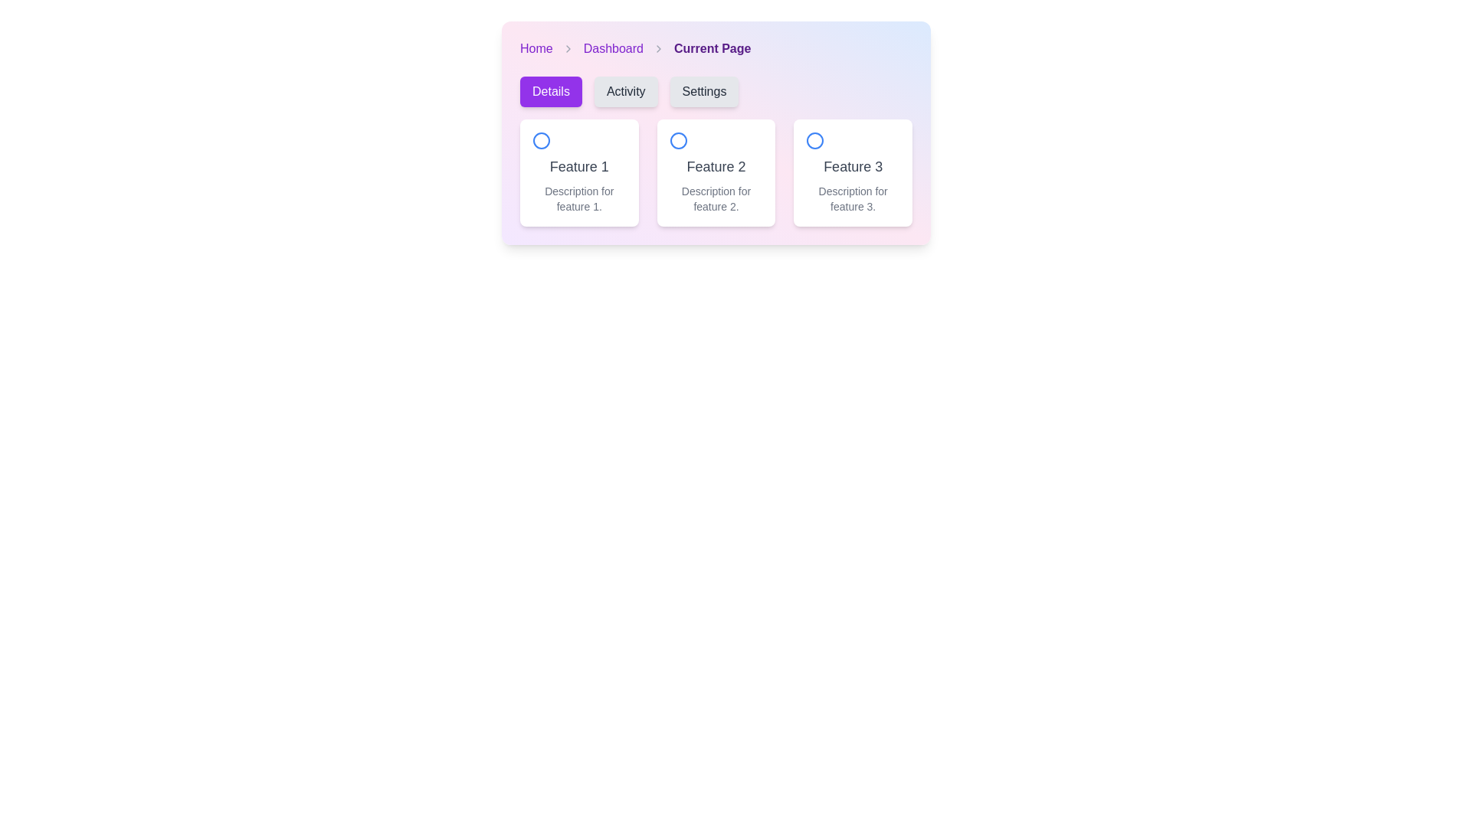 Image resolution: width=1471 pixels, height=827 pixels. I want to click on the 'Activity' button, which is a rectangular button with a gray background and black text, located between the 'Details' and 'Settings' buttons, so click(626, 91).